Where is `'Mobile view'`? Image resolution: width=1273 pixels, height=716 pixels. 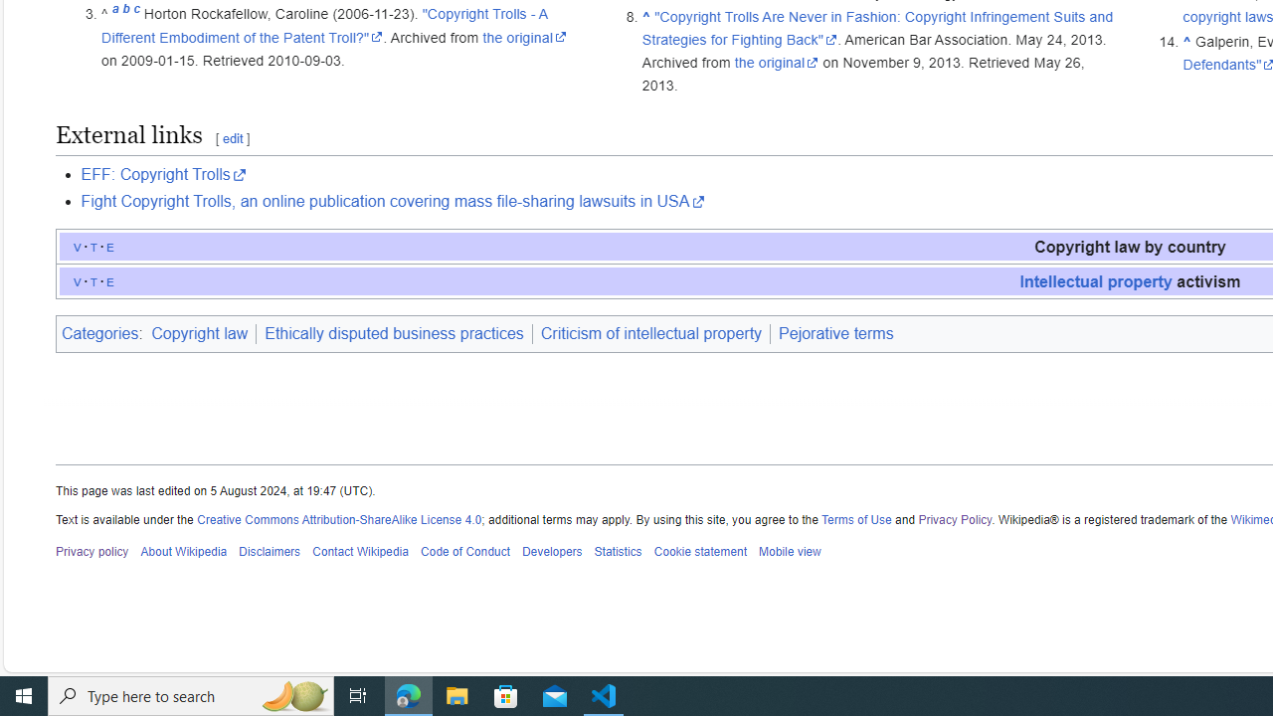 'Mobile view' is located at coordinates (788, 552).